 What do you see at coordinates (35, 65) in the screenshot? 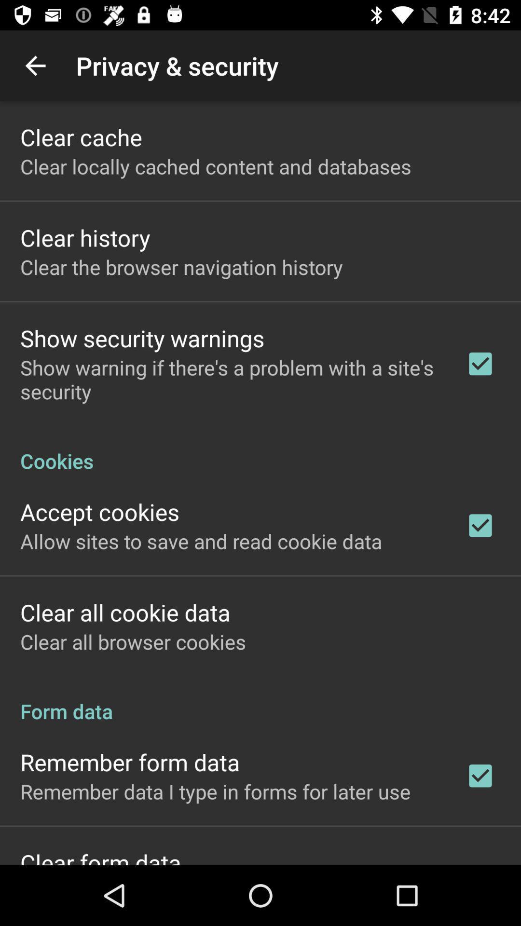
I see `the item above clear cache app` at bounding box center [35, 65].